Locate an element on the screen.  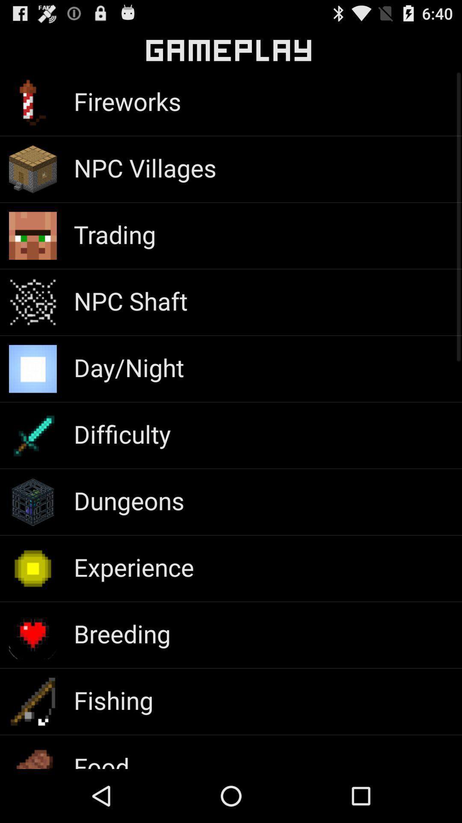
item above npc shaft item is located at coordinates (114, 234).